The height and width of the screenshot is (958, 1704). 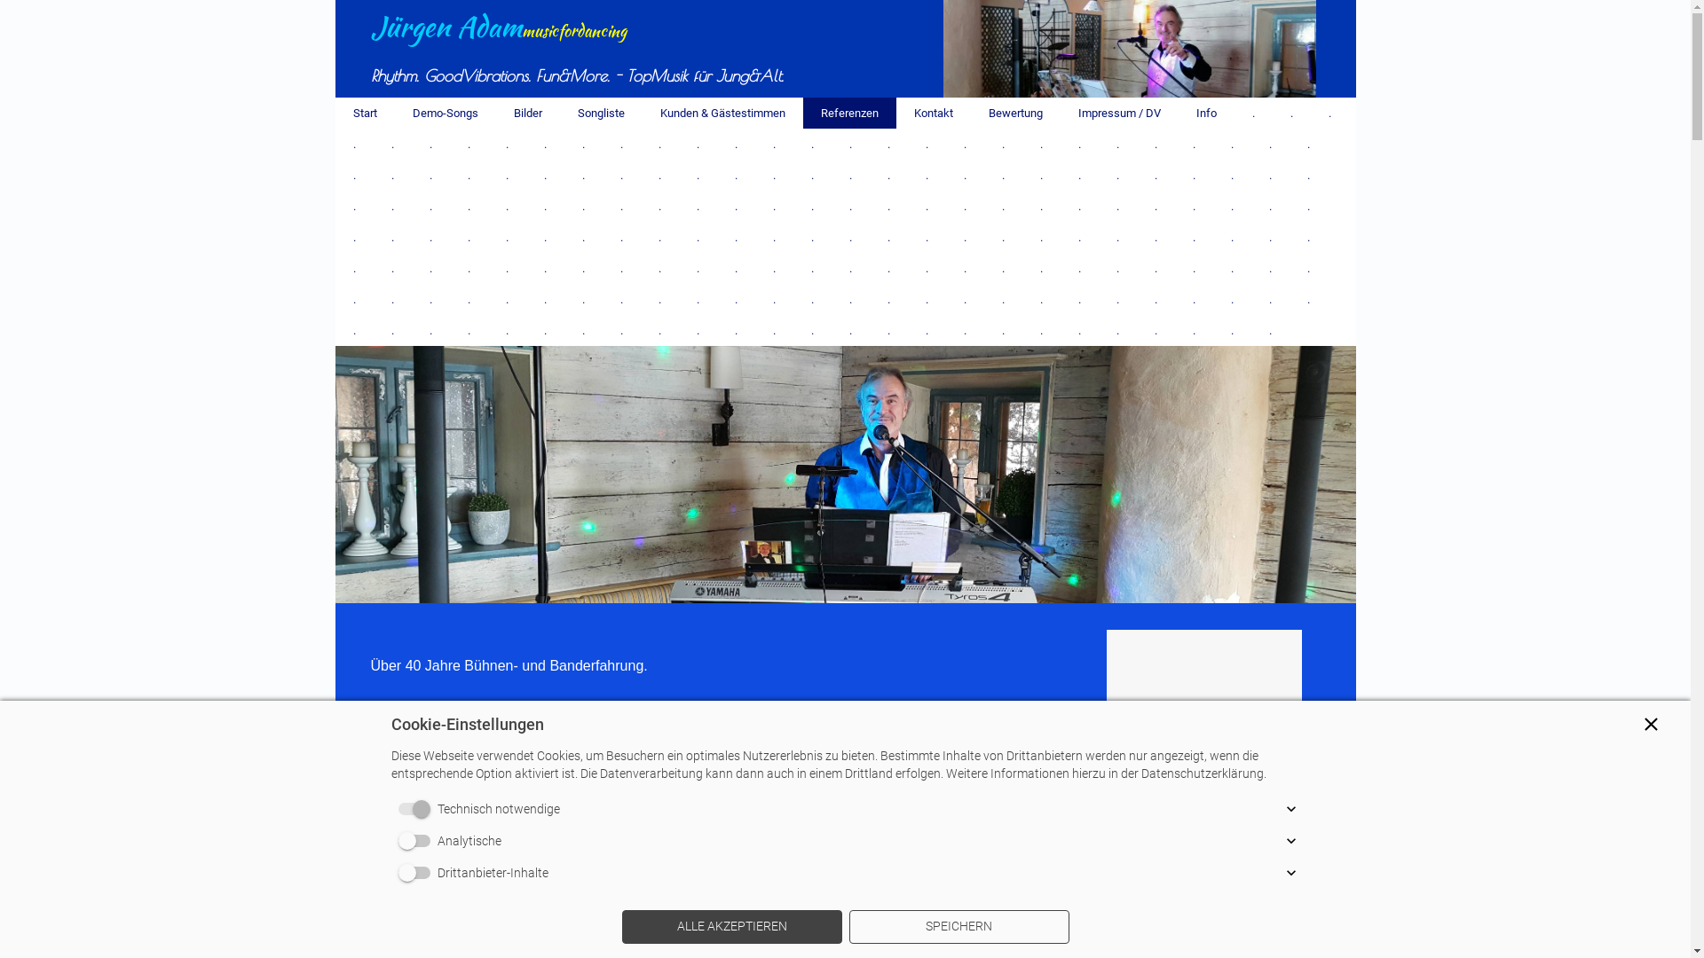 I want to click on '.', so click(x=1307, y=298).